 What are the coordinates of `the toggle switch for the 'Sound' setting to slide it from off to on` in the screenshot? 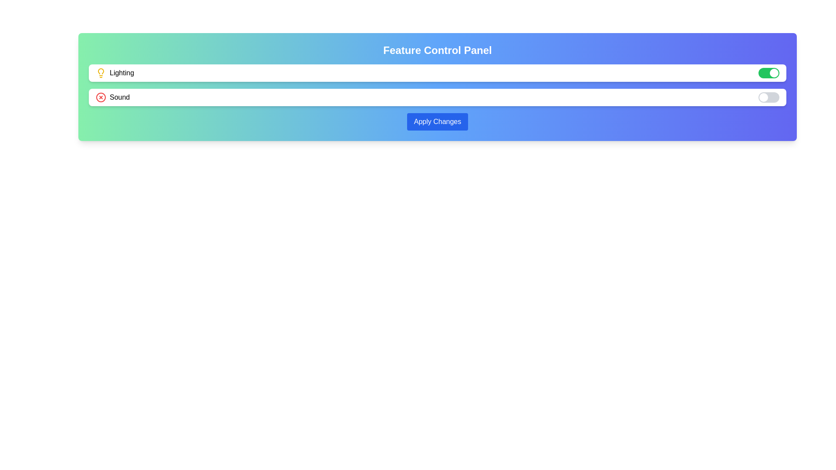 It's located at (769, 97).